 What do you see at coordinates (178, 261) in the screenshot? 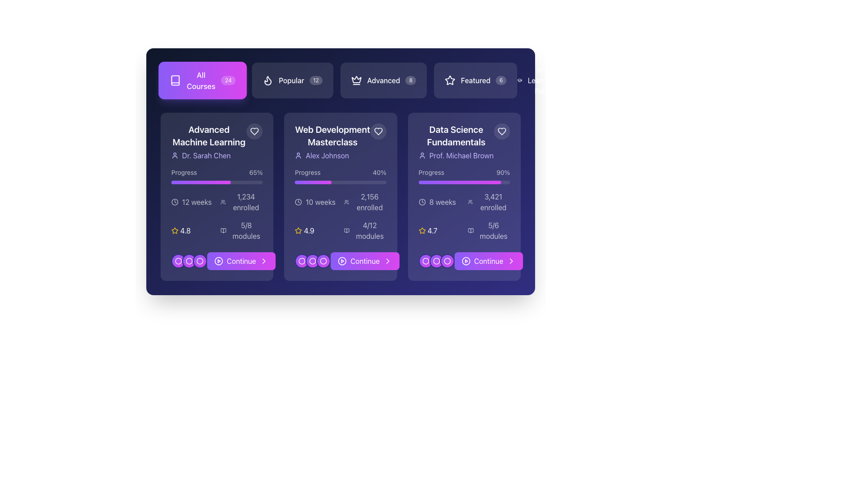
I see `the second circular indicator with a white outline and purple background, located at the bottom of the 'Advanced Machine Learning' course card` at bounding box center [178, 261].